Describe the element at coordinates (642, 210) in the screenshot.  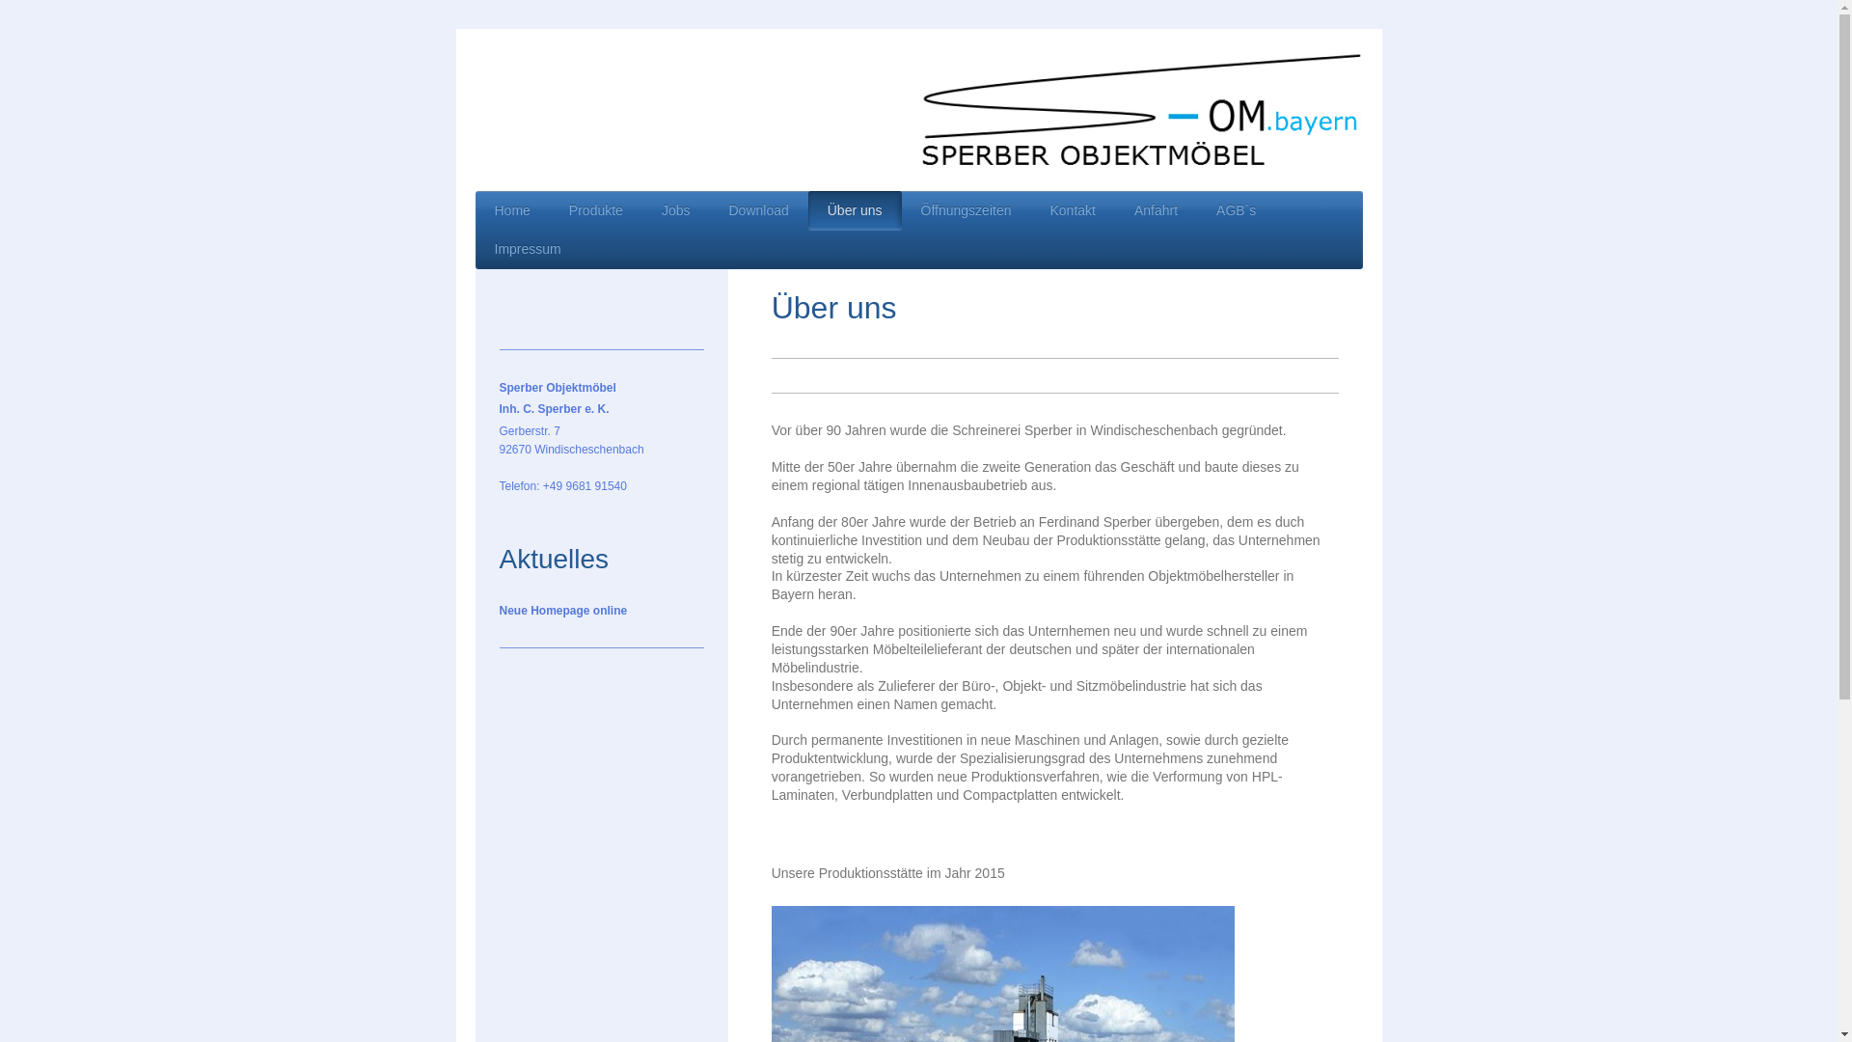
I see `'Jobs'` at that location.